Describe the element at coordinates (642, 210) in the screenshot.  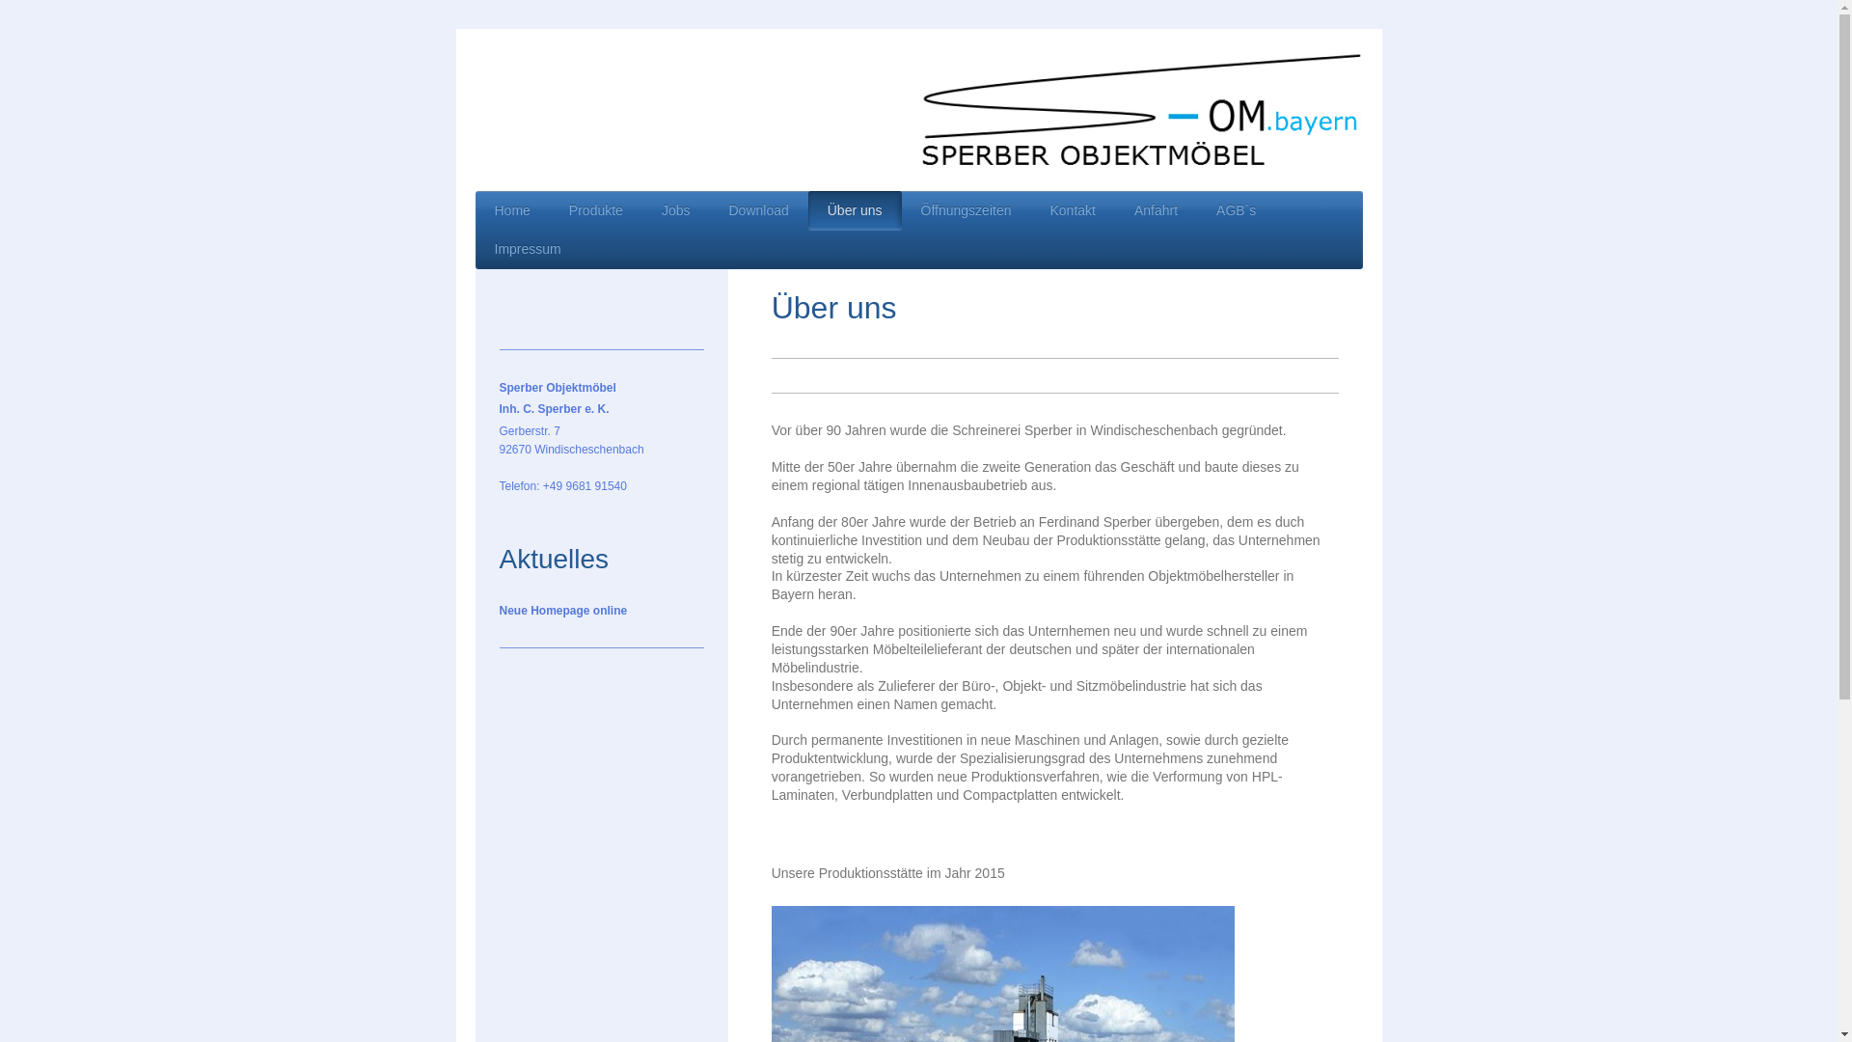
I see `'Jobs'` at that location.